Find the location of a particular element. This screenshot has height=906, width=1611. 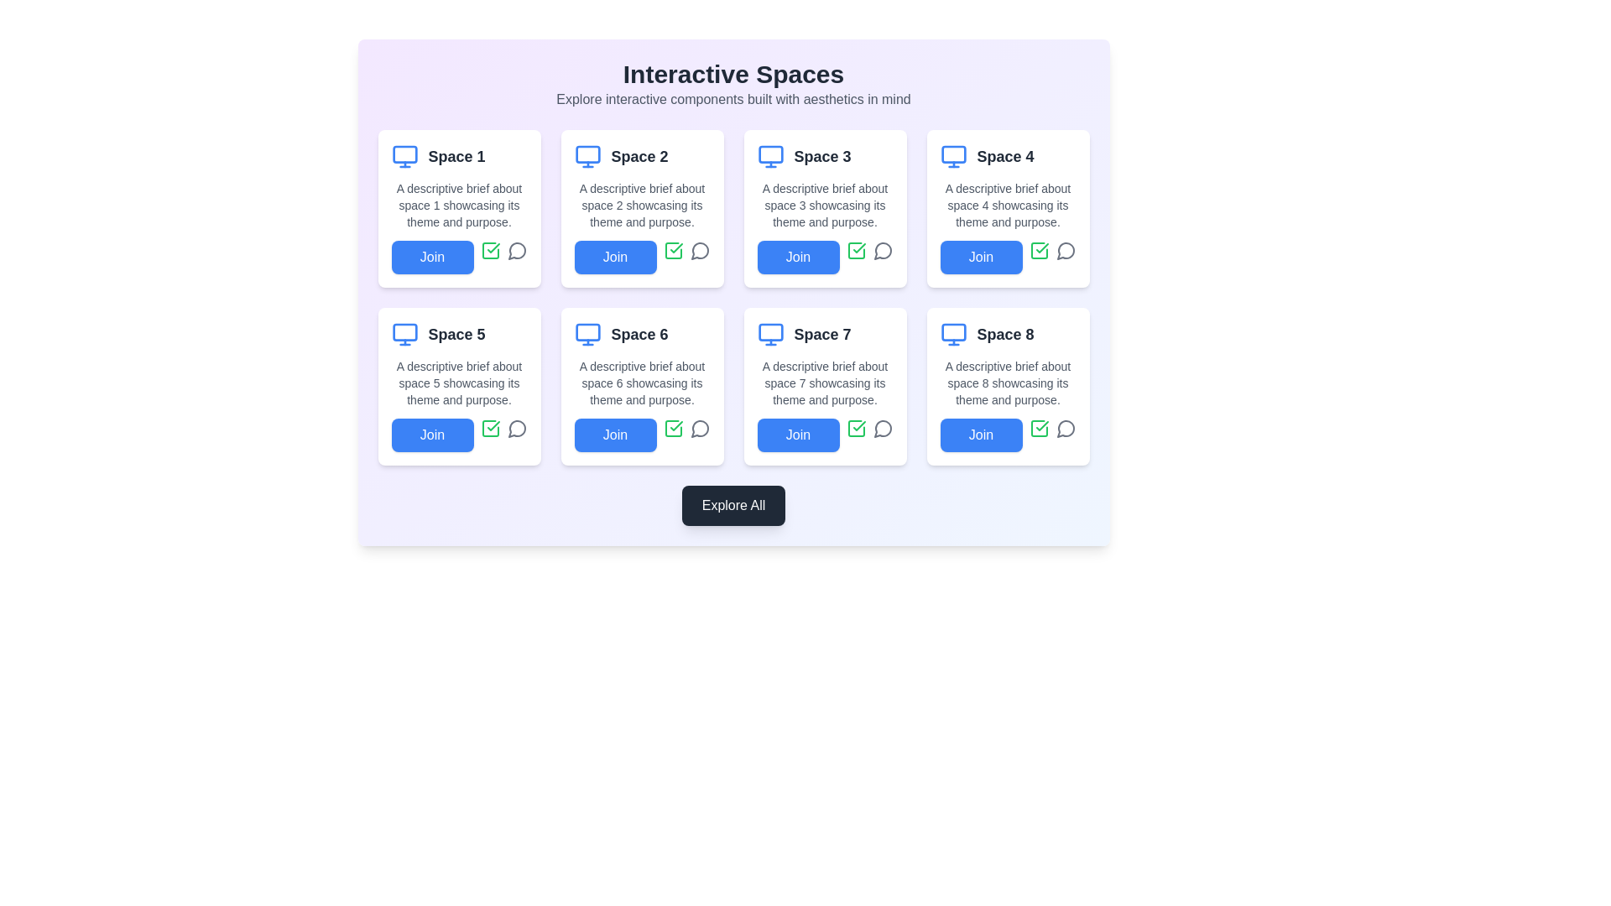

the text label reading 'Space 3' which is styled in bold dark gray and located under the 'Interactive Spaces' section in the third card of the grid layout is located at coordinates (822, 156).